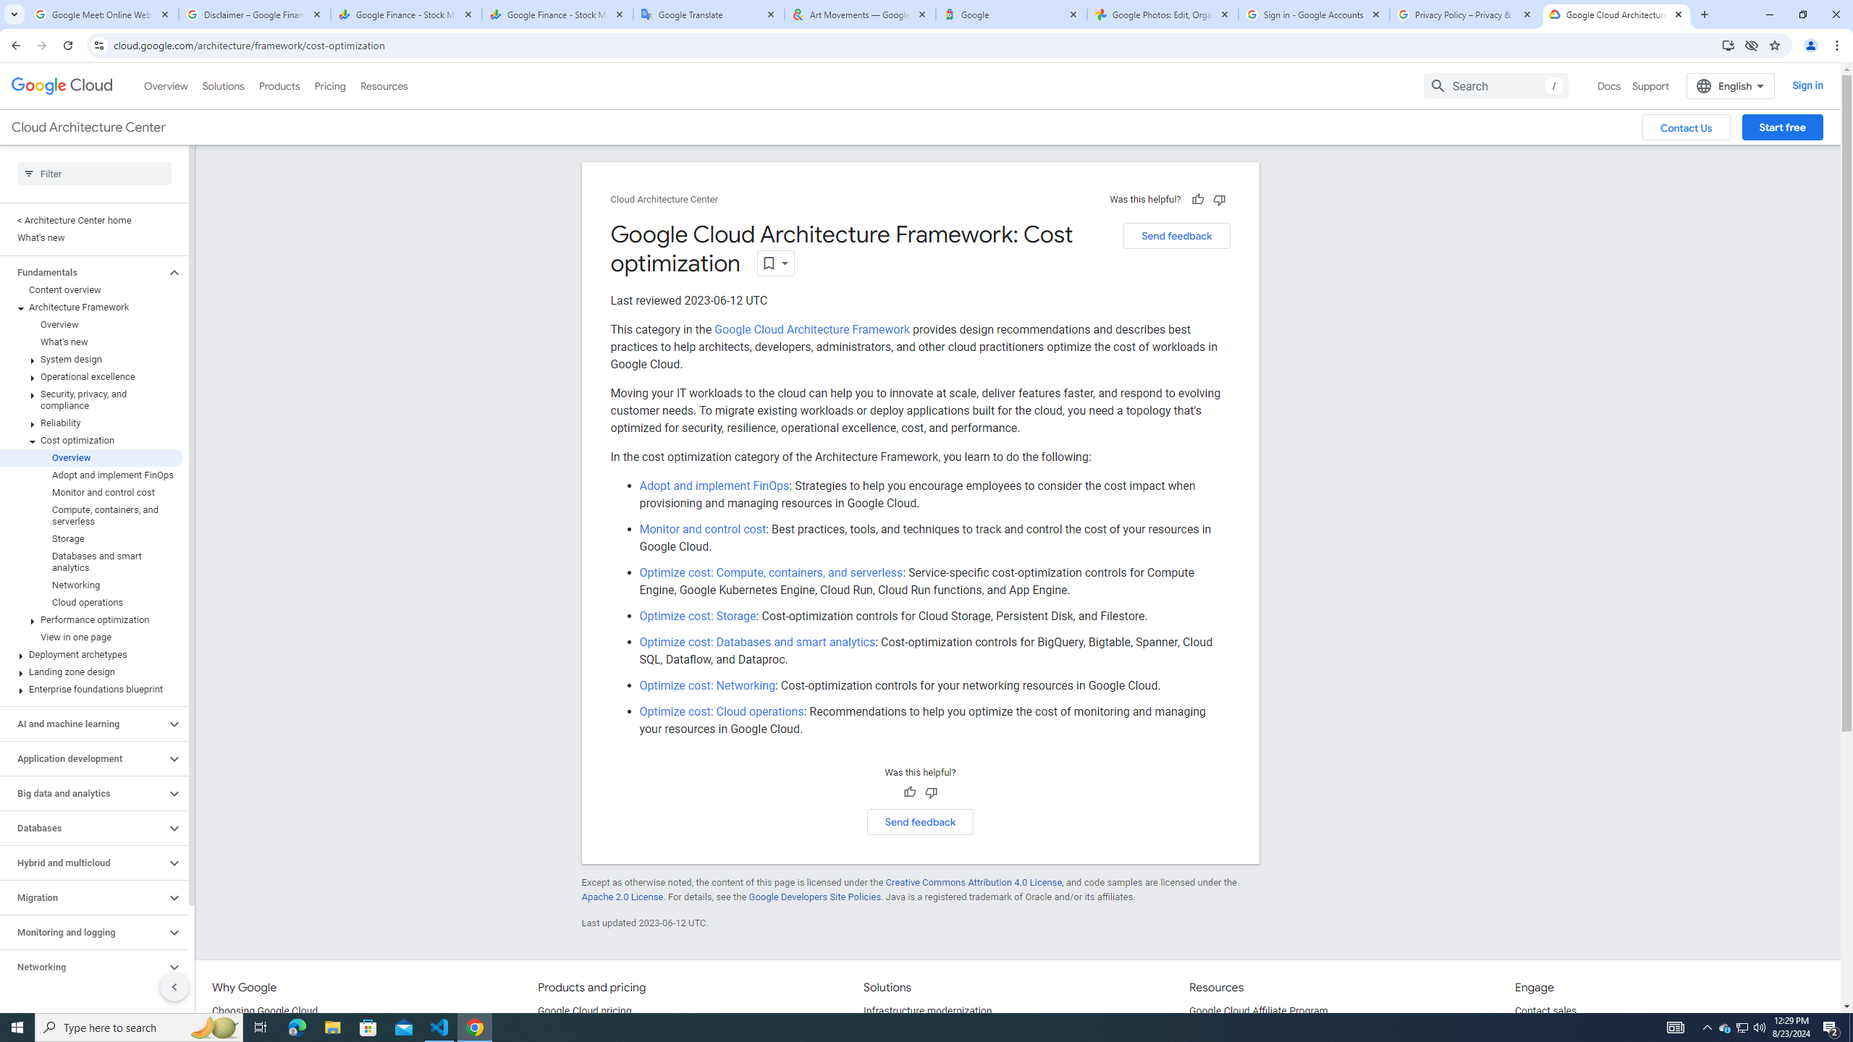 This screenshot has height=1042, width=1853. I want to click on 'System design', so click(91, 358).